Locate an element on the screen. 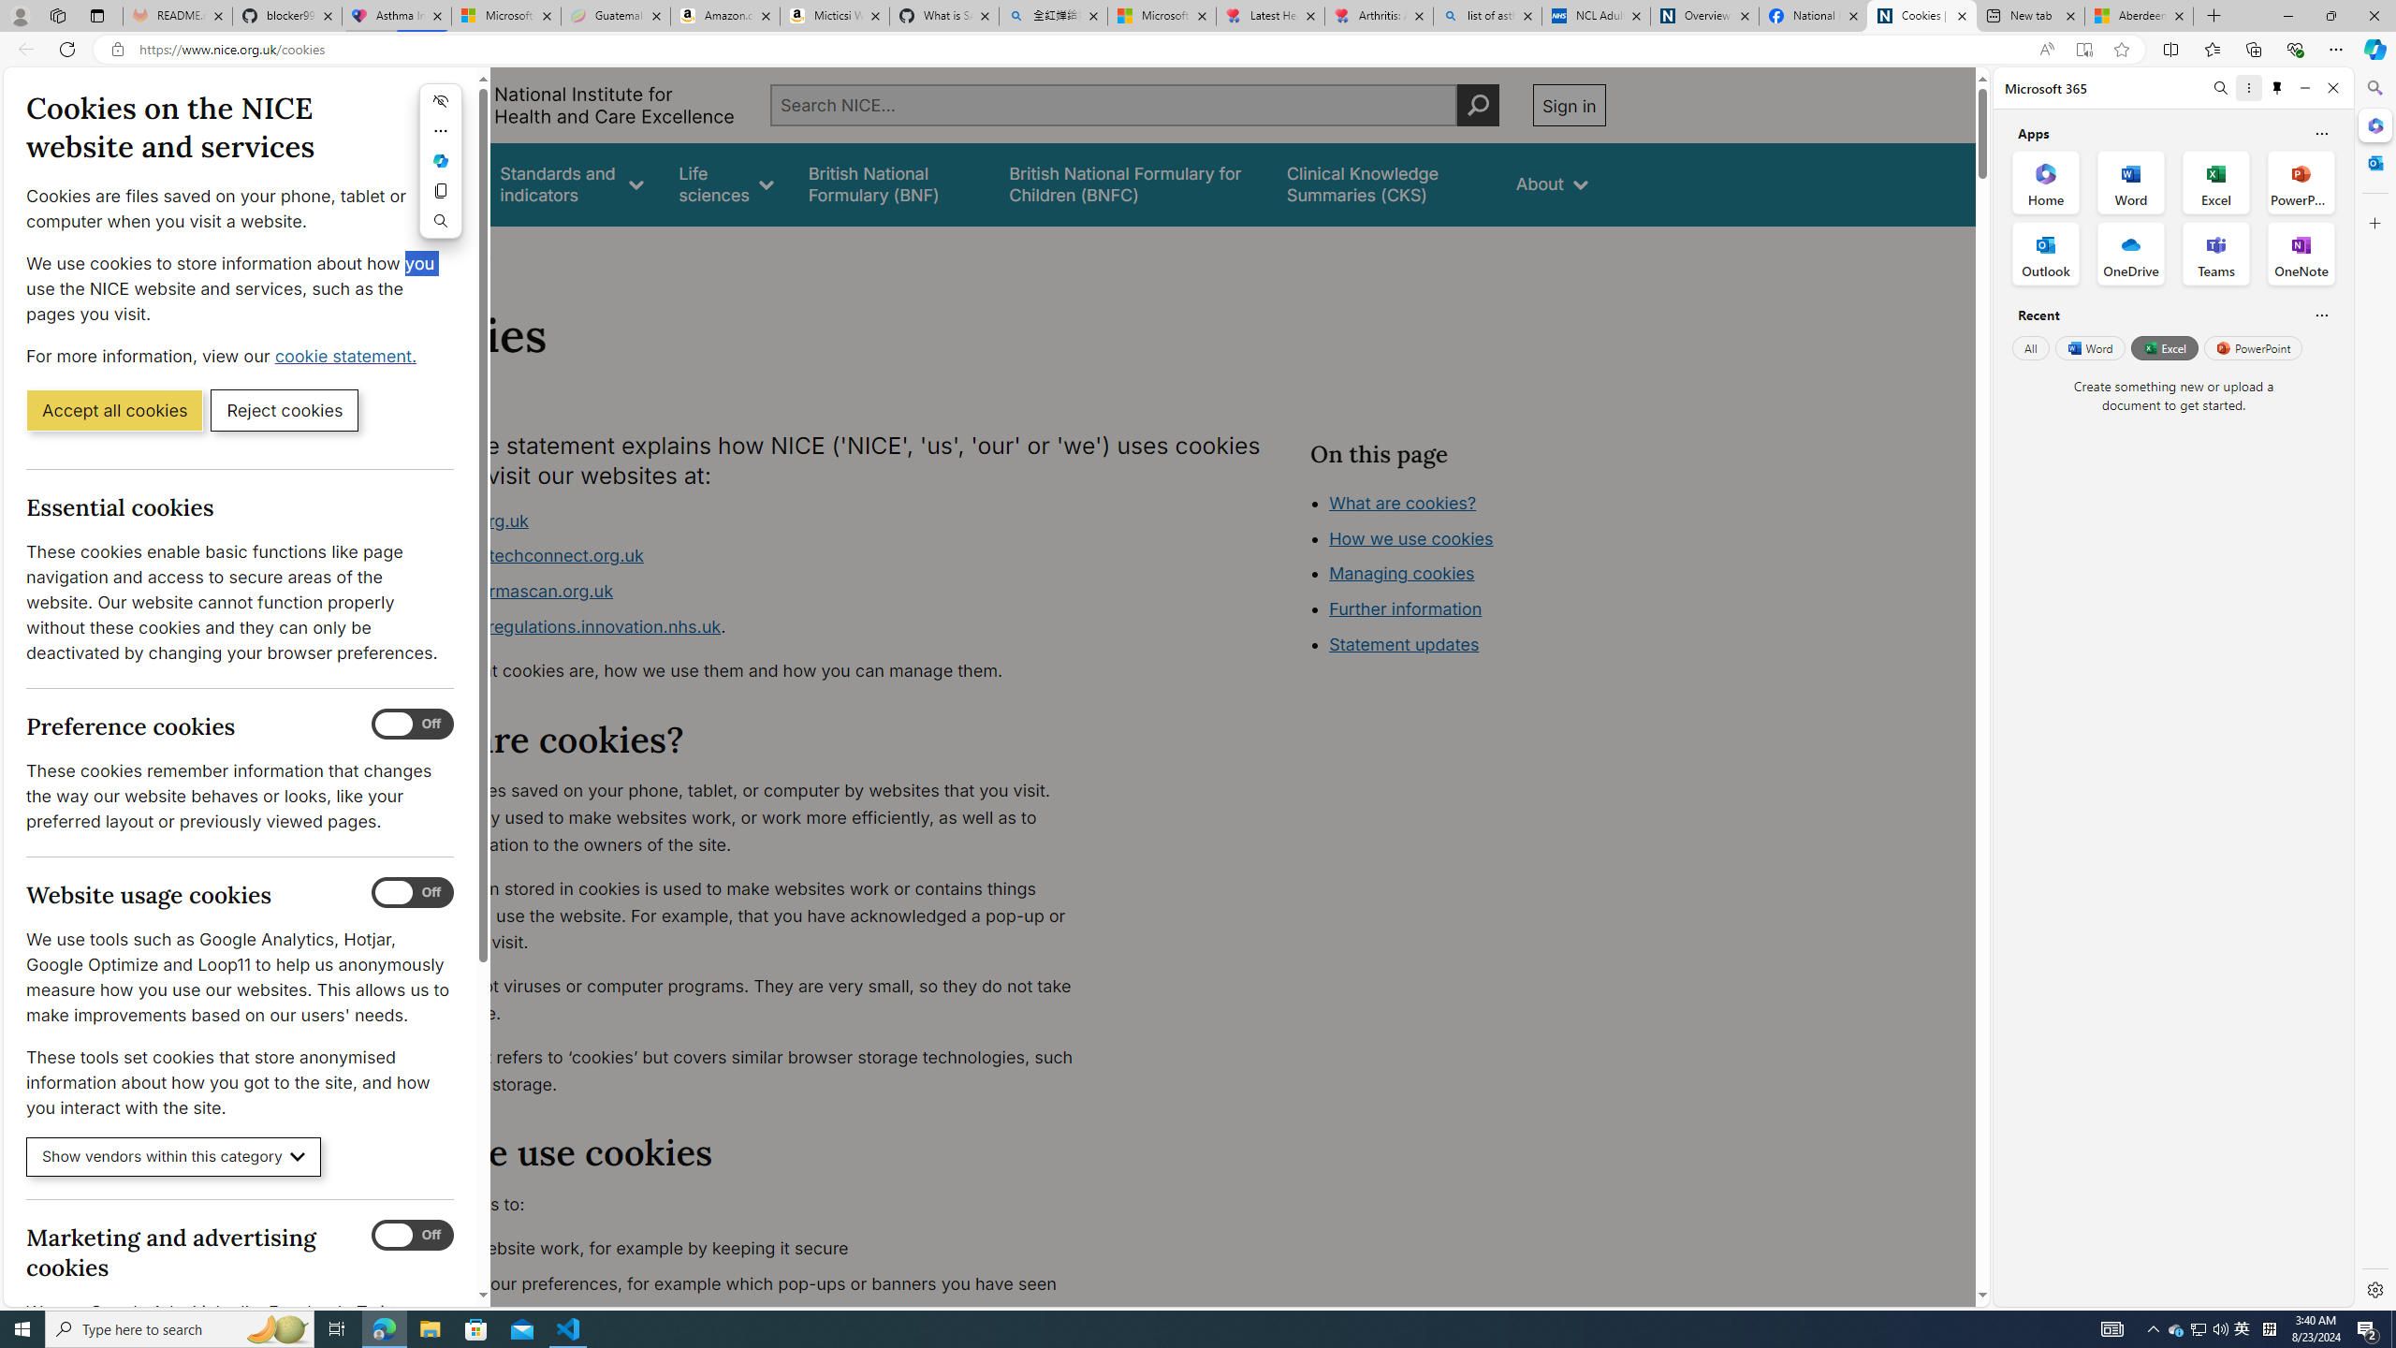 This screenshot has height=1348, width=2396. 'British National Formulary for Children (BNFC)' is located at coordinates (1130, 183).